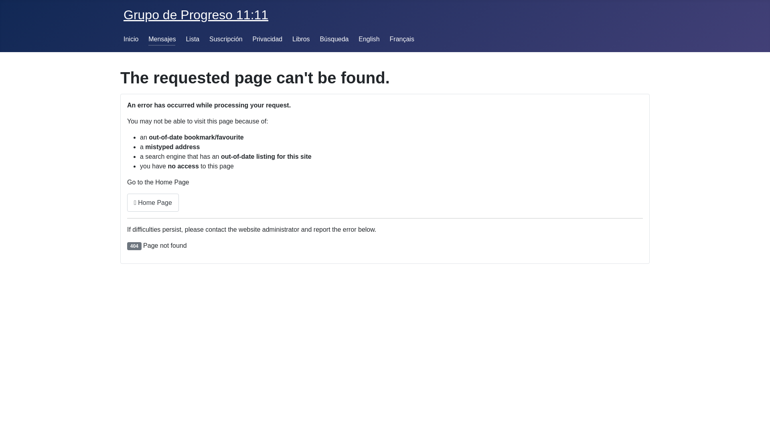 This screenshot has width=770, height=433. I want to click on 'Grupo de Progreso 11:11', so click(196, 15).